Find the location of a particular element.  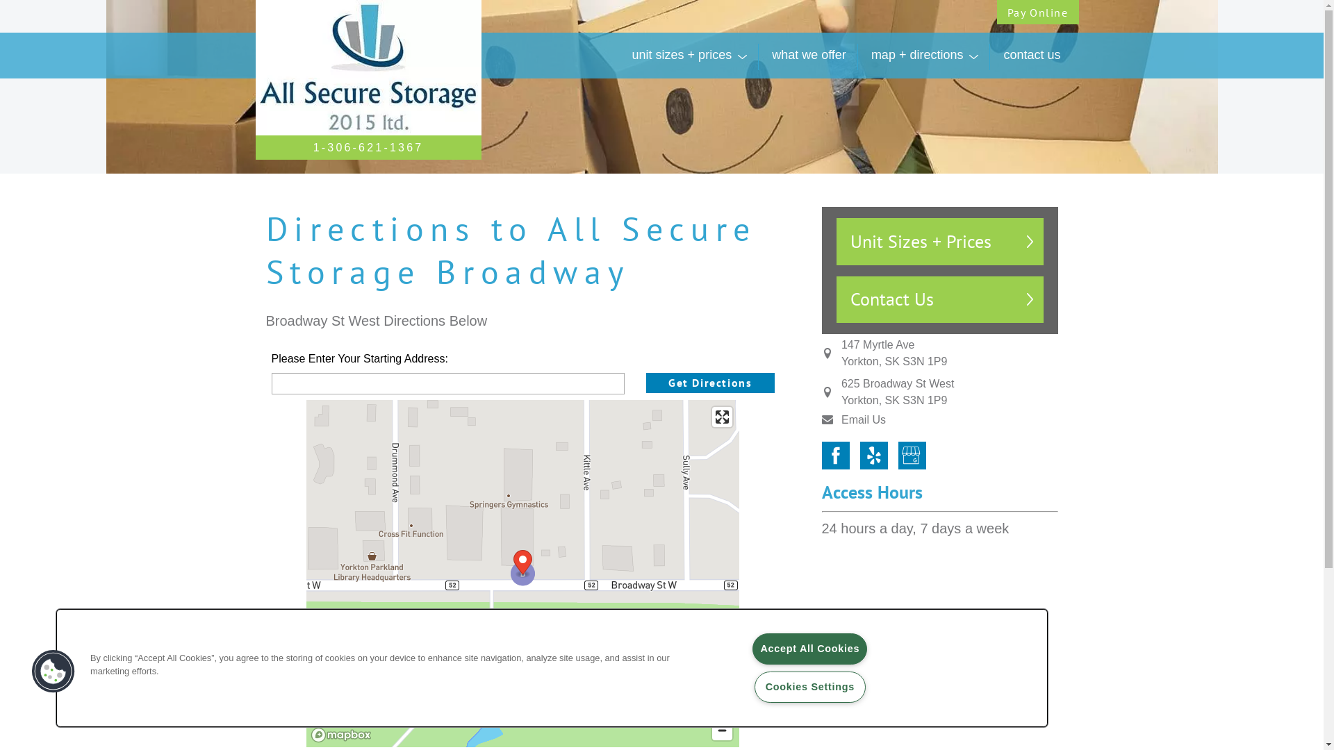

'625 Broadway St West is located at coordinates (840, 392).